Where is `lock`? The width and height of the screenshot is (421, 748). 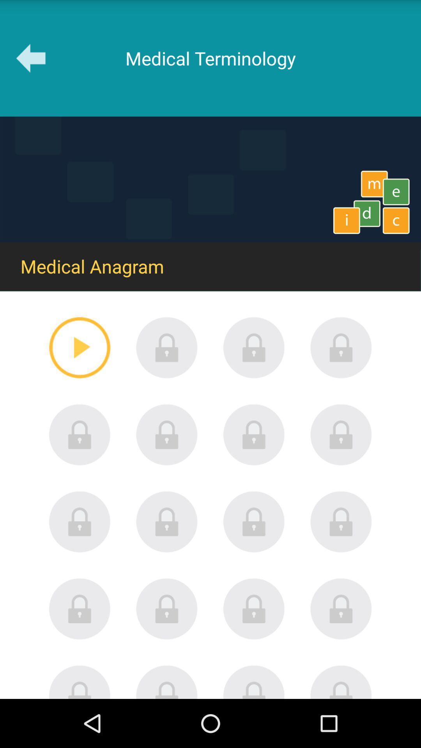 lock is located at coordinates (254, 434).